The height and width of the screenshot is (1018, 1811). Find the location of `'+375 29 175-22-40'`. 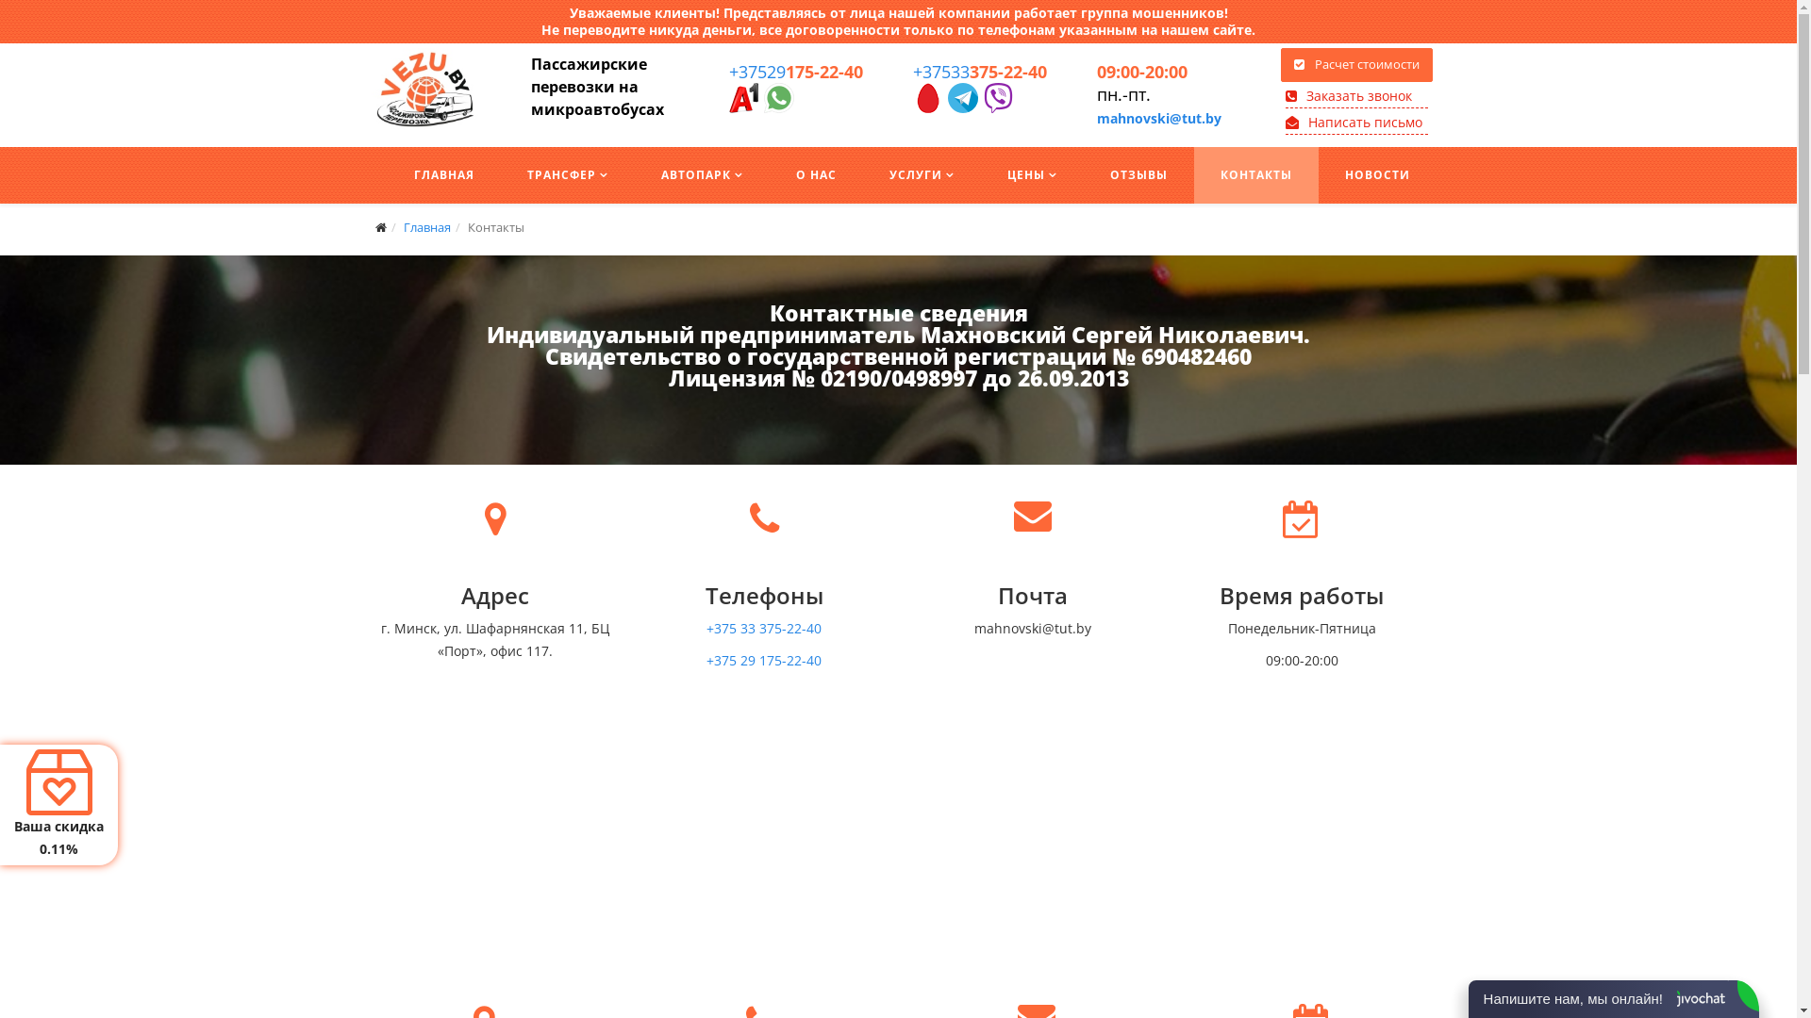

'+375 29 175-22-40' is located at coordinates (764, 659).